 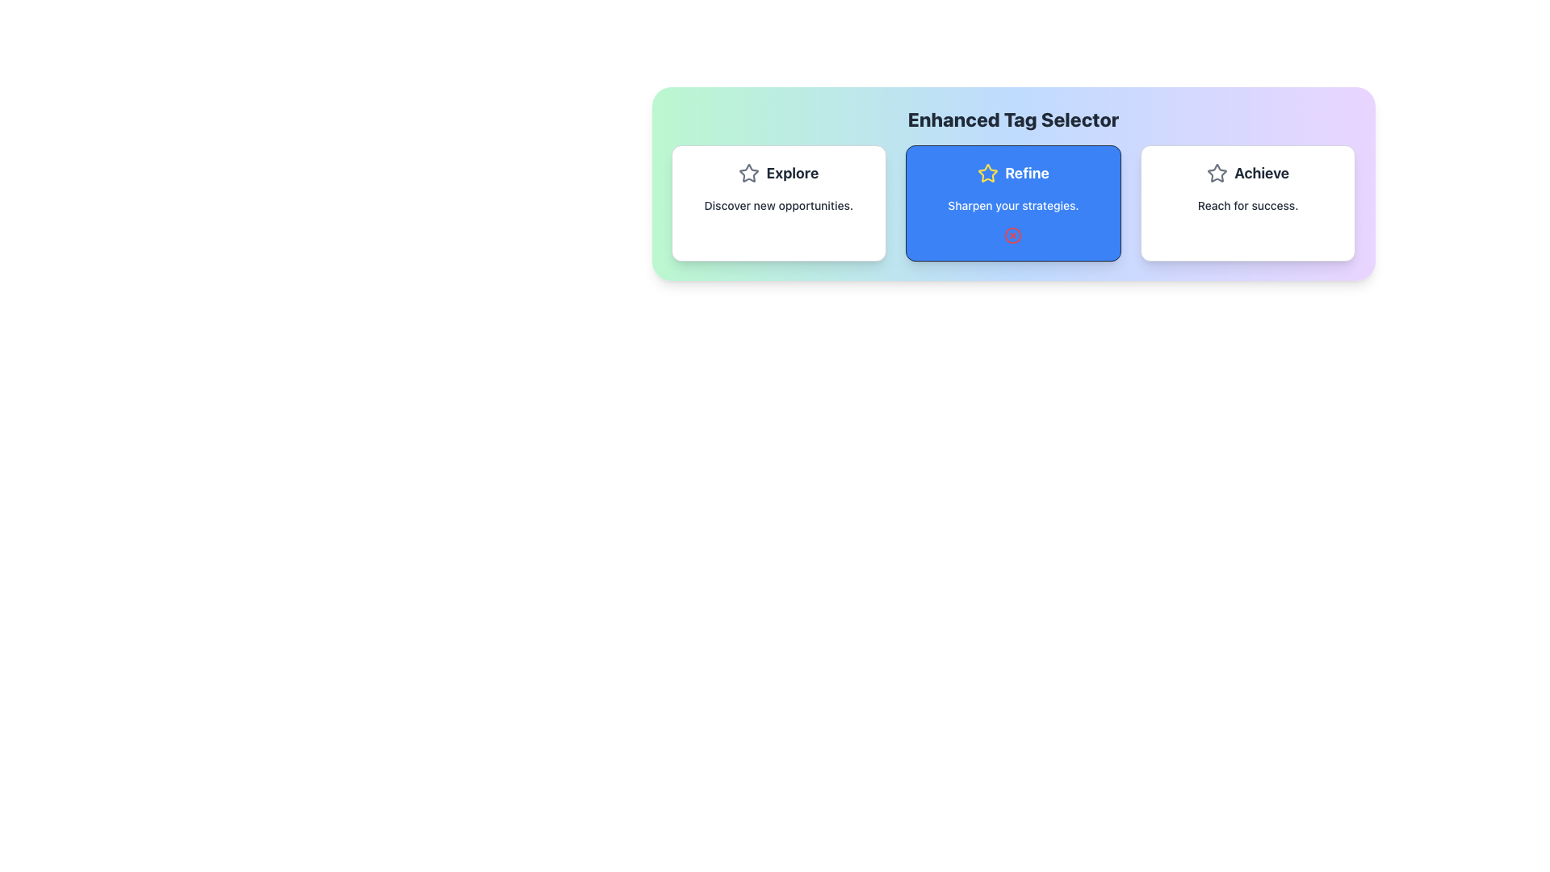 I want to click on the Decorative Label with Icon that serves as a title for the section, positioned at the top-left area of the box containing 'Explore' and 'Discover new opportunities.', so click(x=778, y=174).